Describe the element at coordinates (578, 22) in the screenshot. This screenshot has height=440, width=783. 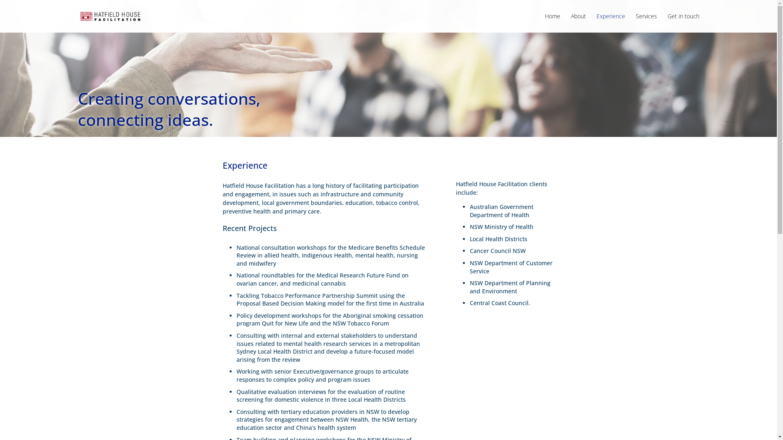
I see `'About'` at that location.